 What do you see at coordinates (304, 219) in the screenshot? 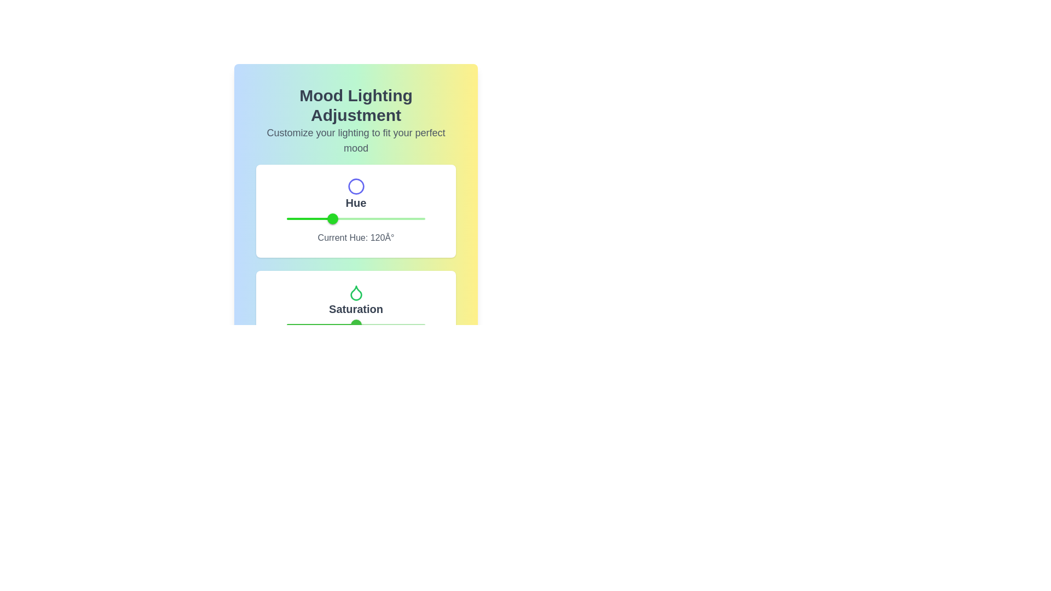
I see `the hue` at bounding box center [304, 219].